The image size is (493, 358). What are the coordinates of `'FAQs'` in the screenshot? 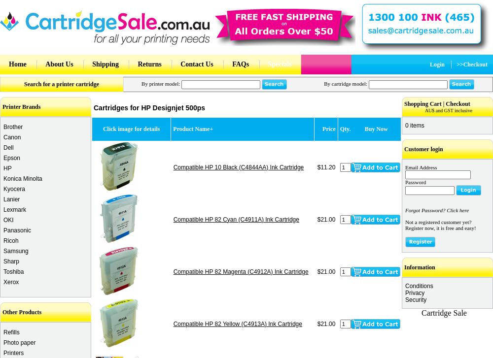 It's located at (240, 64).